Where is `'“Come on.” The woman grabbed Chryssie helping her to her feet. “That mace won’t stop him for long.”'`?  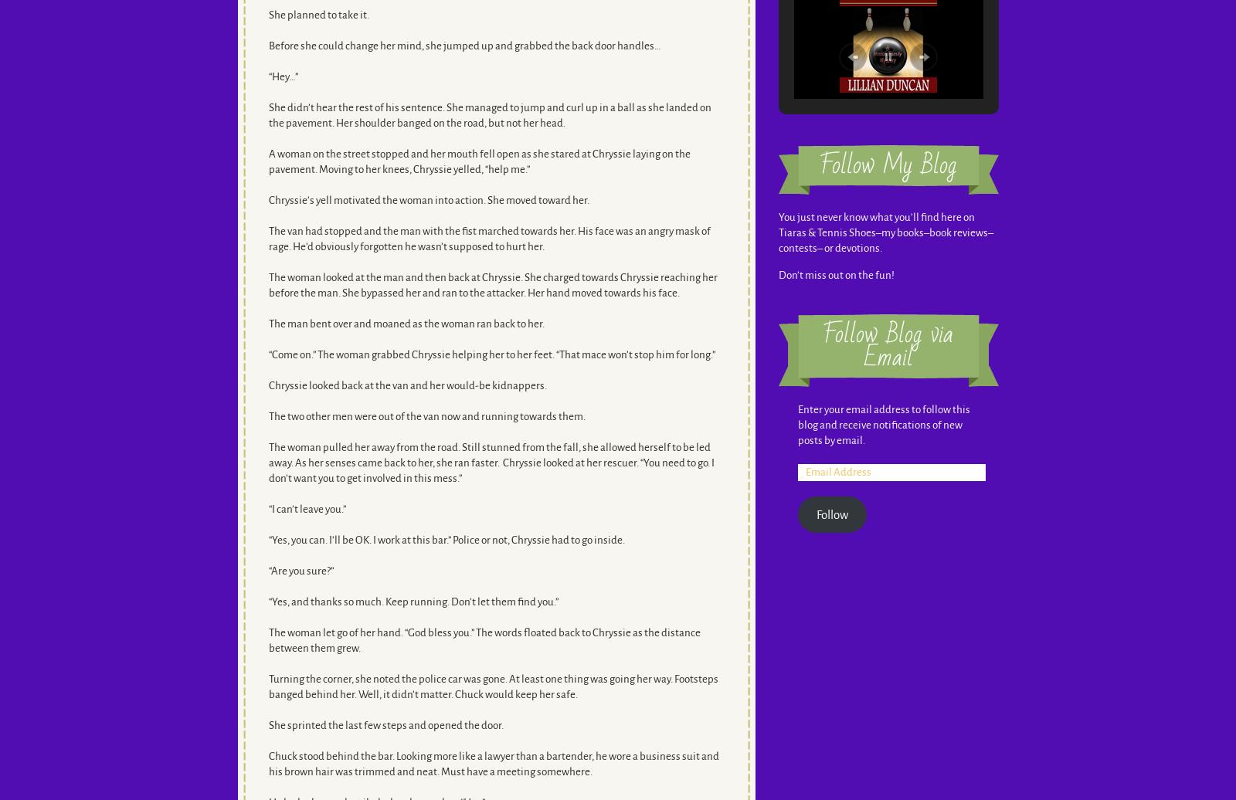
'“Come on.” The woman grabbed Chryssie helping her to her feet. “That mace won’t stop him for long.”' is located at coordinates (491, 354).